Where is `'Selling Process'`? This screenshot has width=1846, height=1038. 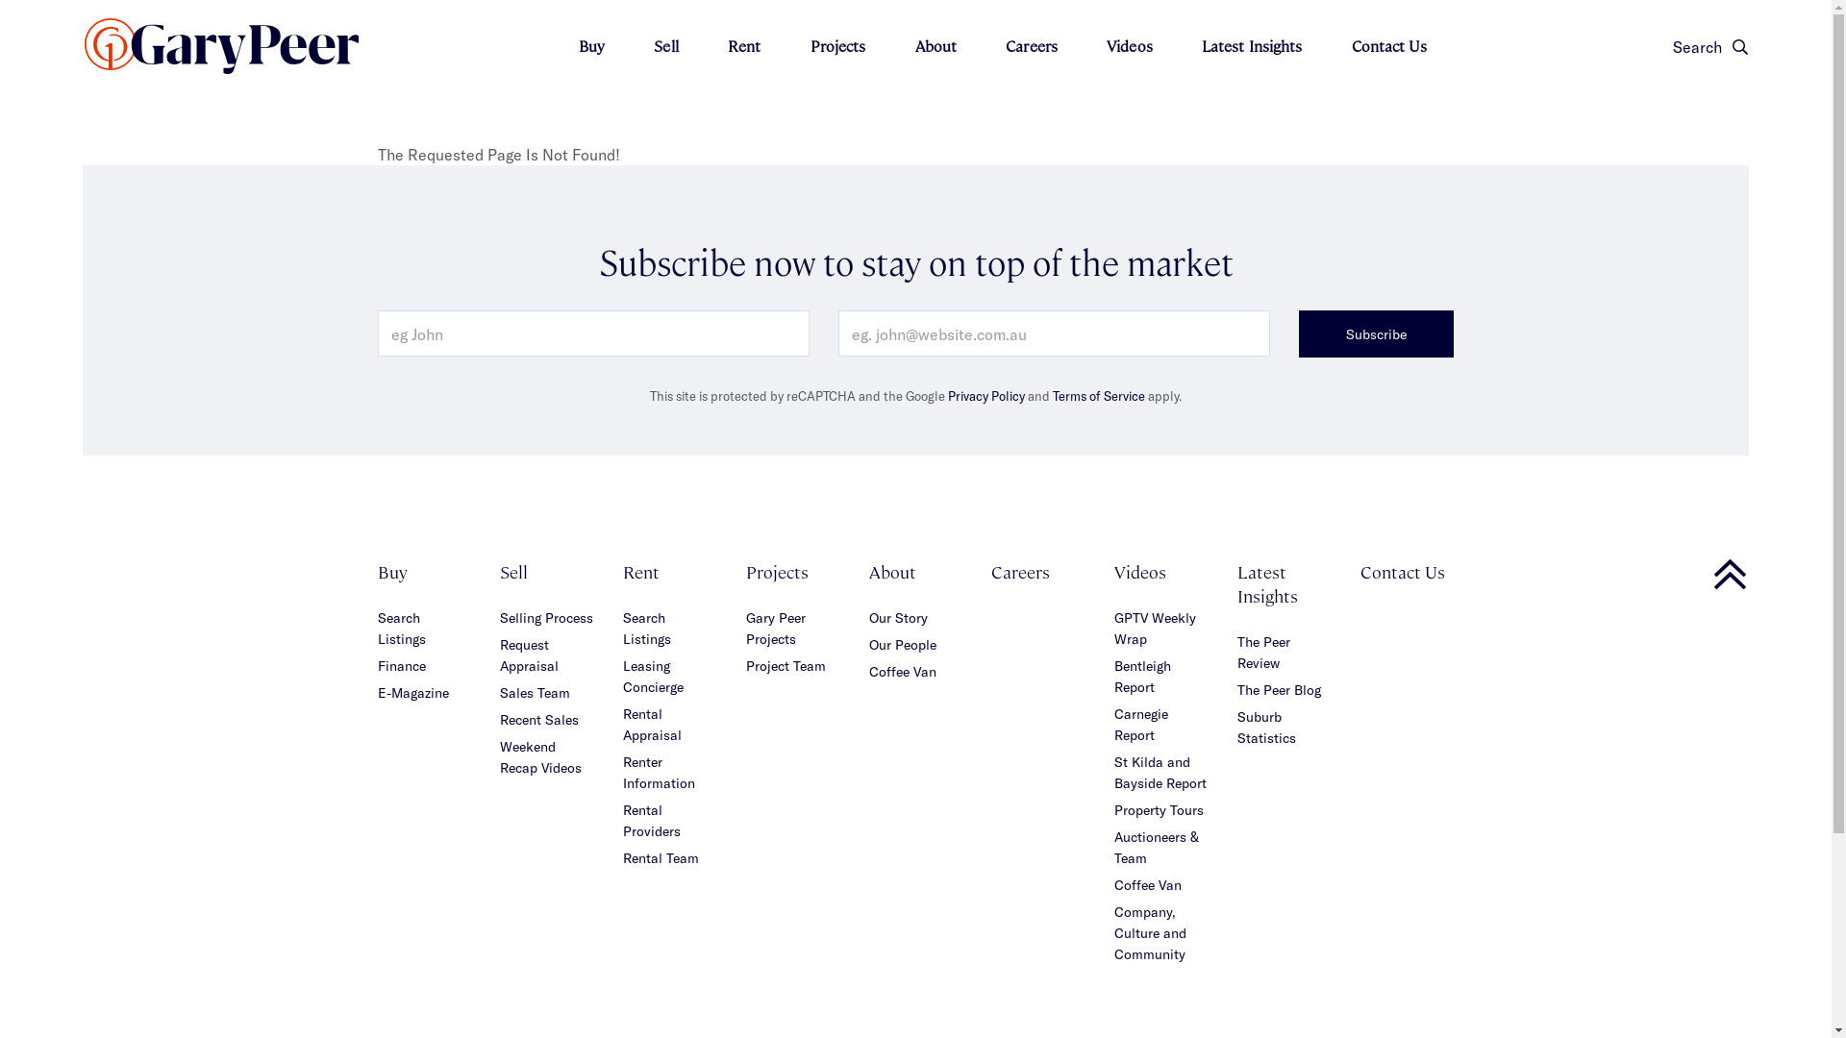 'Selling Process' is located at coordinates (499, 617).